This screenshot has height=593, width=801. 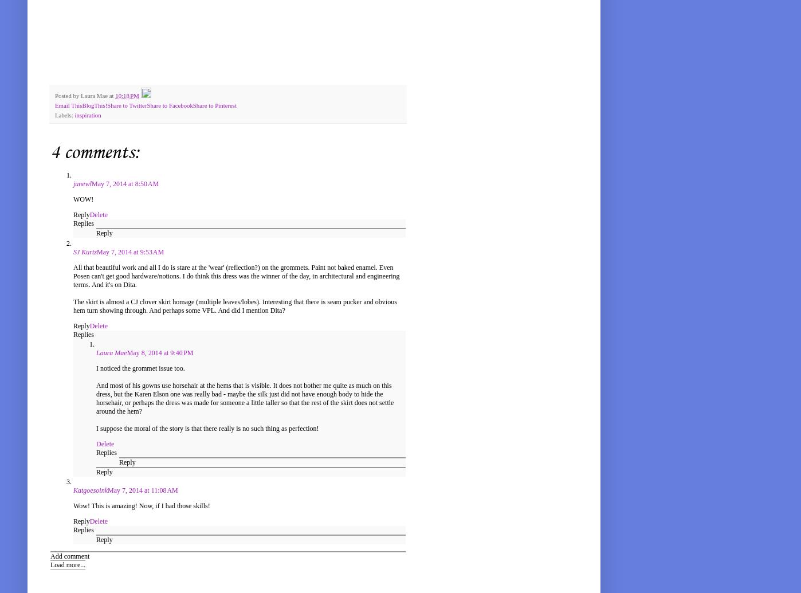 What do you see at coordinates (74, 115) in the screenshot?
I see `'inspiration'` at bounding box center [74, 115].